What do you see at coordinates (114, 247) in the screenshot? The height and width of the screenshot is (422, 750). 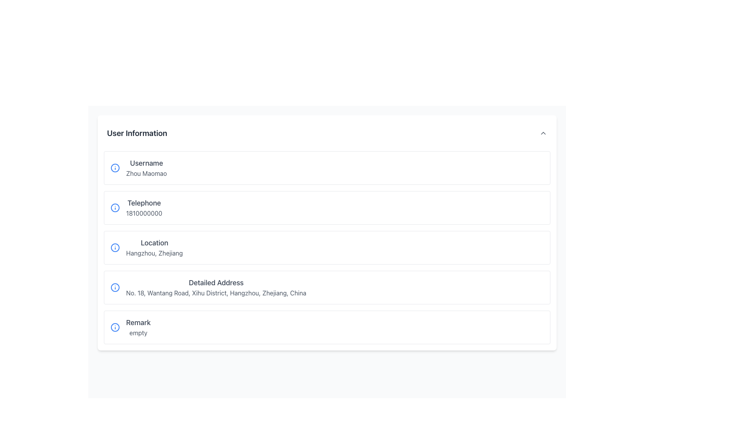 I see `the informational icon located to the left of the text 'Location' for more information` at bounding box center [114, 247].